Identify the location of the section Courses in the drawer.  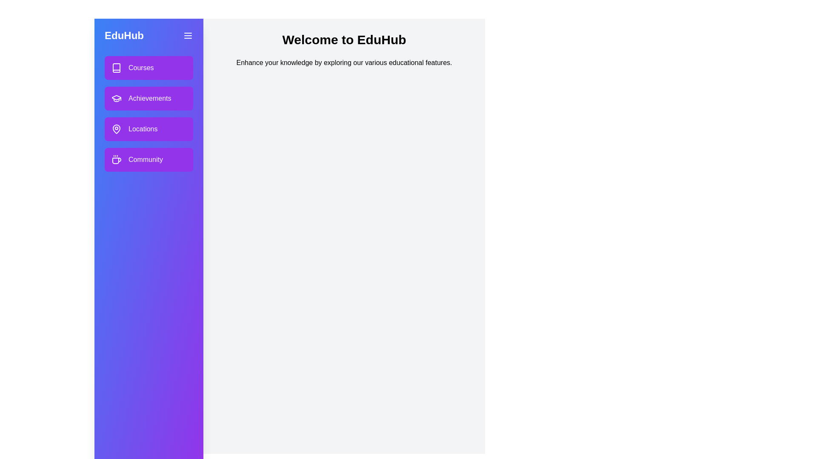
(149, 67).